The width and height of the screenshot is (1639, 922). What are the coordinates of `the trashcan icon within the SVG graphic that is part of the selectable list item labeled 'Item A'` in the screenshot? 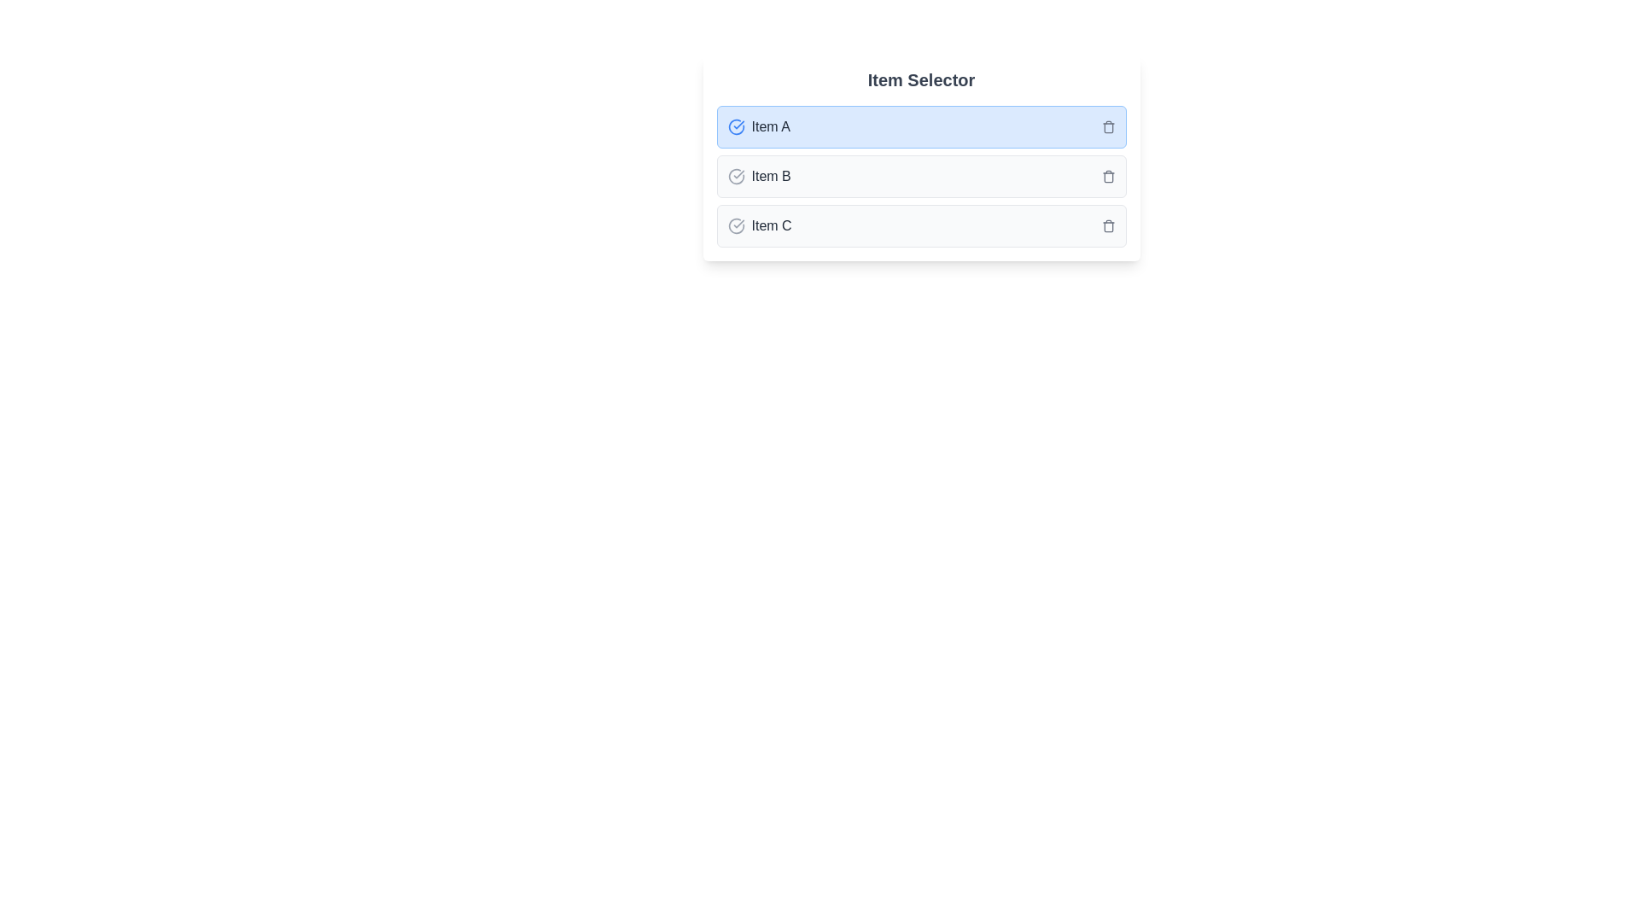 It's located at (1108, 127).